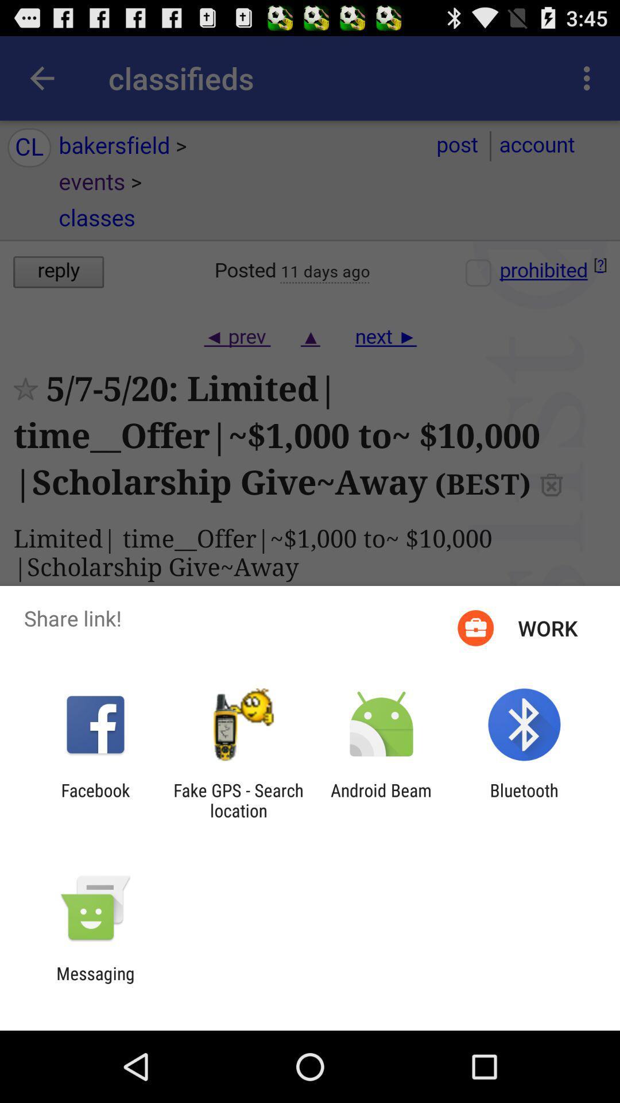 Image resolution: width=620 pixels, height=1103 pixels. What do you see at coordinates (381, 800) in the screenshot?
I see `app next to the fake gps search` at bounding box center [381, 800].